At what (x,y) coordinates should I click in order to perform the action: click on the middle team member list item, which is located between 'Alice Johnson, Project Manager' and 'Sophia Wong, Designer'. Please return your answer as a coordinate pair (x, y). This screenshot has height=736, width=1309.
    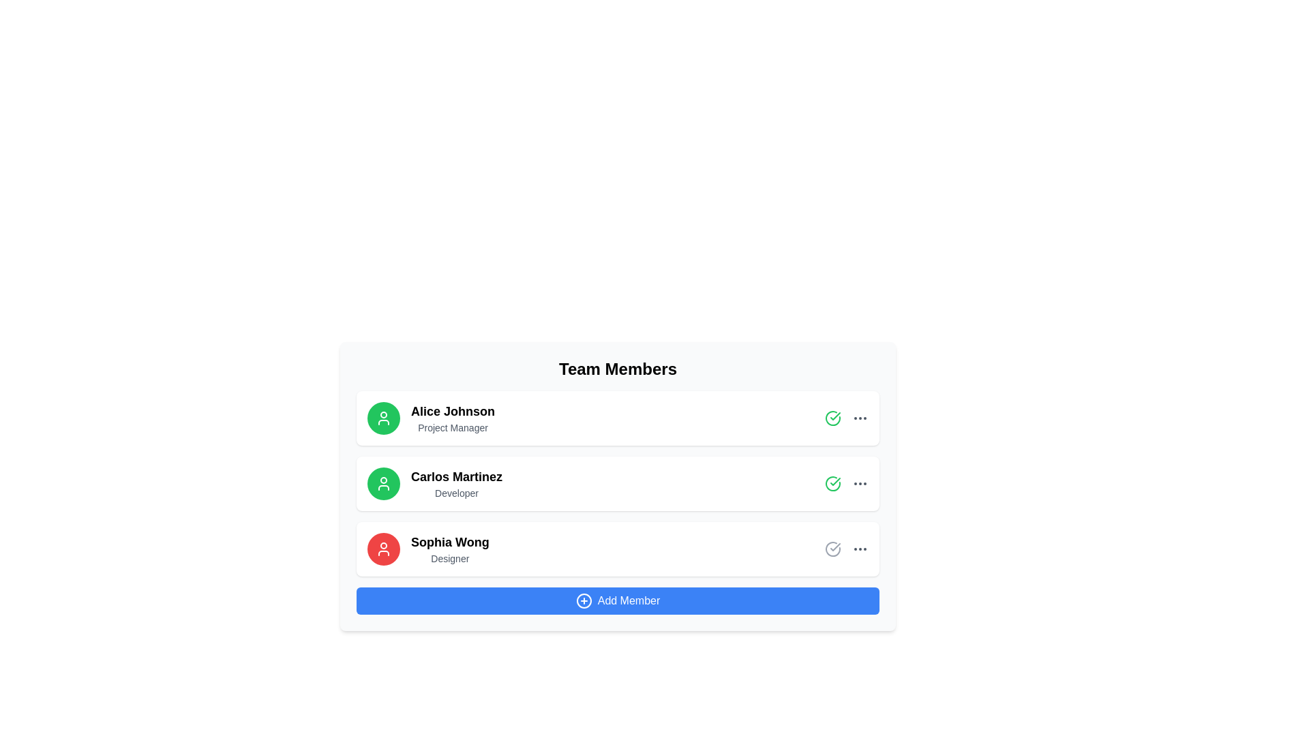
    Looking at the image, I should click on (617, 482).